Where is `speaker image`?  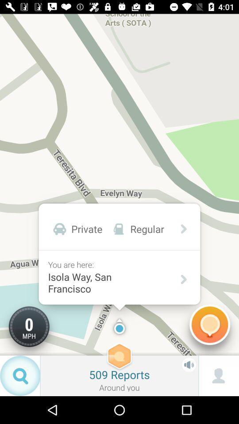
speaker image is located at coordinates (188, 364).